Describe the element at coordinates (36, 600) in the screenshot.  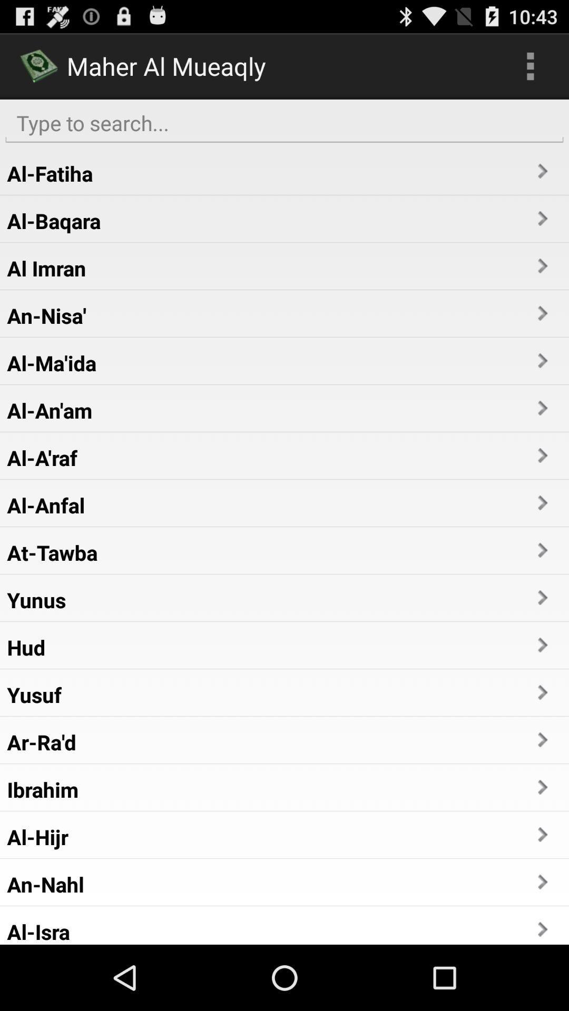
I see `the item above the hud` at that location.